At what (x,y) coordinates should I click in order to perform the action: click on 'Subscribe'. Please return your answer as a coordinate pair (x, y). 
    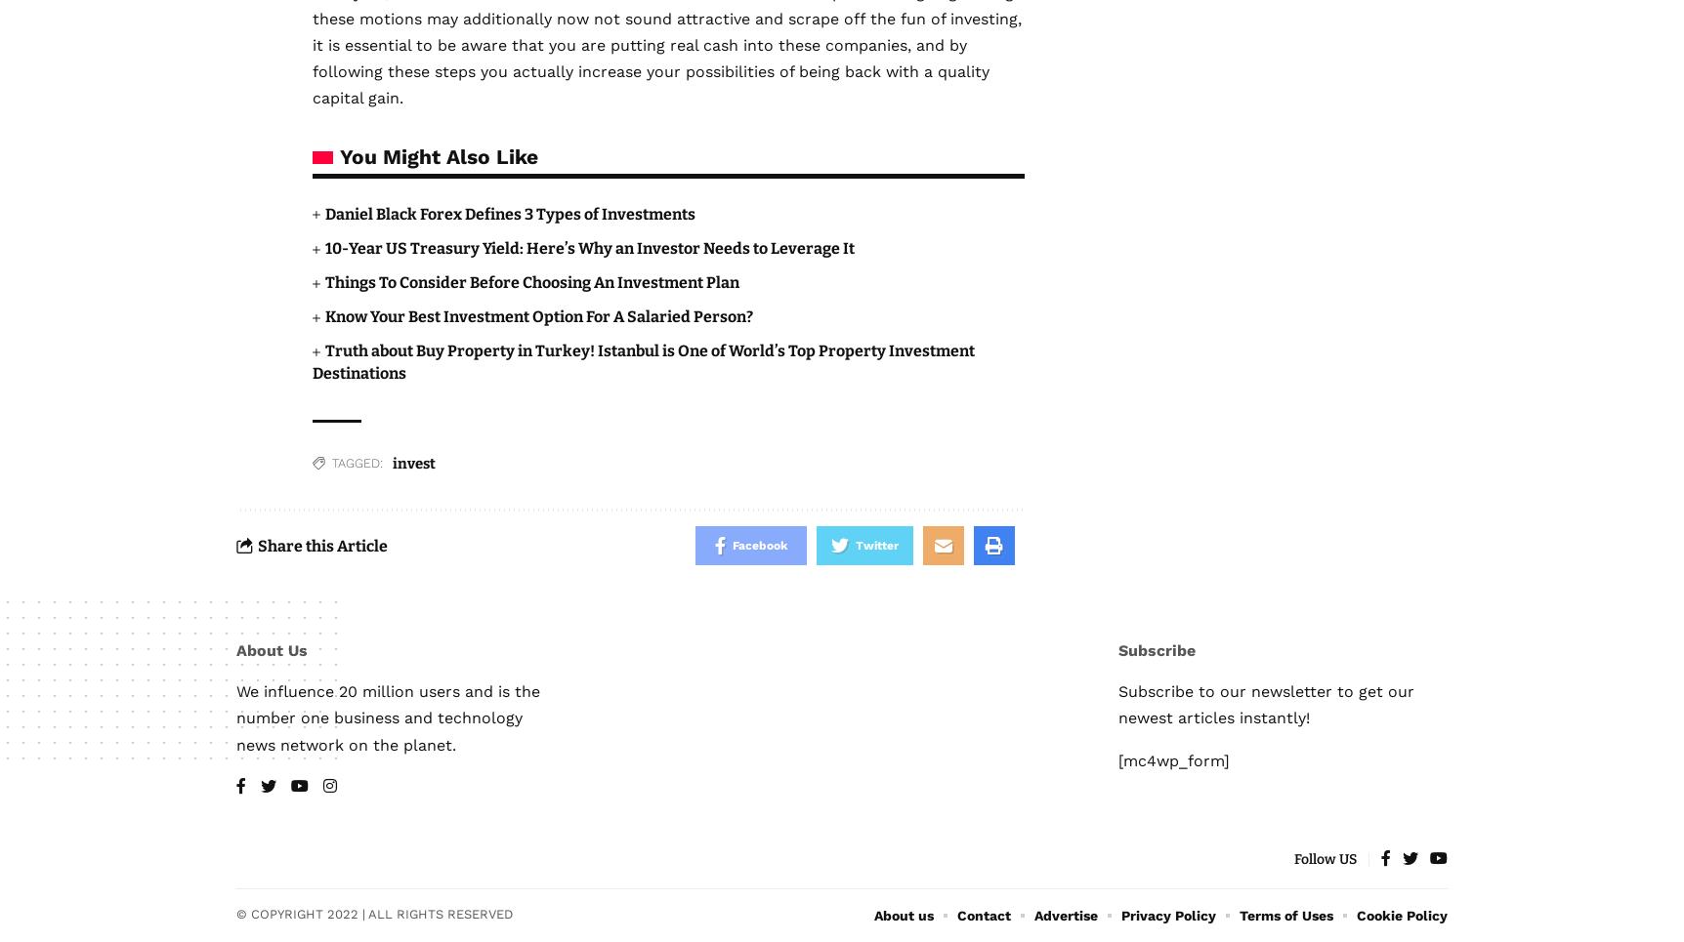
    Looking at the image, I should click on (1157, 650).